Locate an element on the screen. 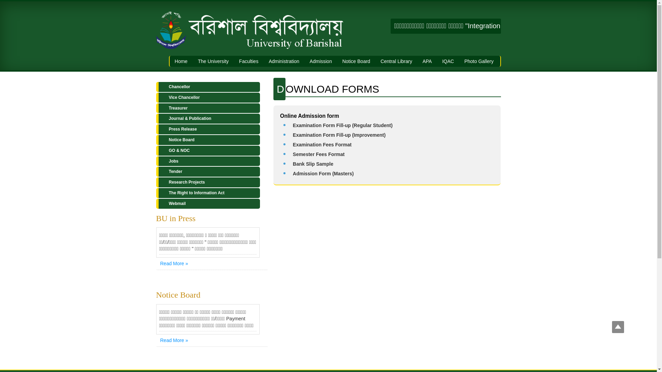 The image size is (662, 372). 'IQAC' is located at coordinates (448, 61).